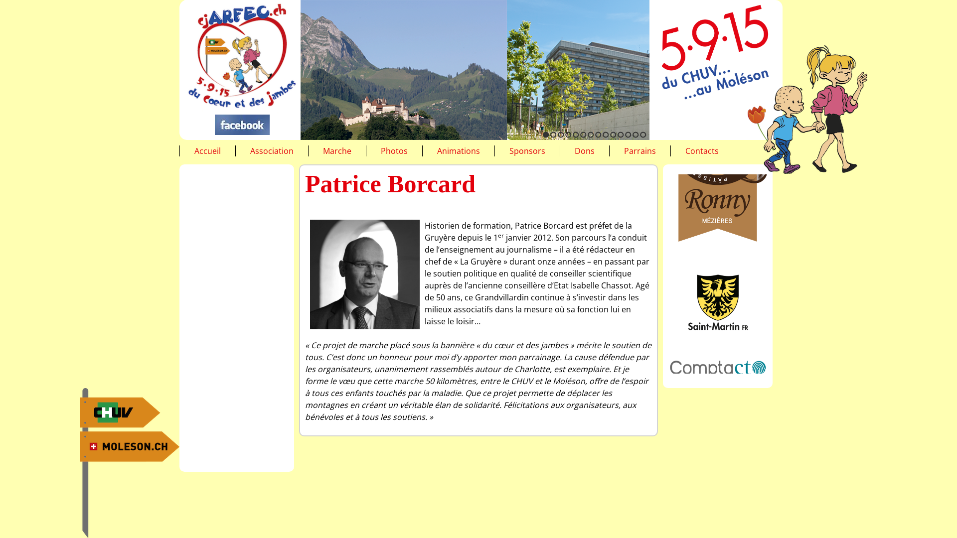 This screenshot has width=957, height=538. I want to click on 'Animations', so click(458, 151).